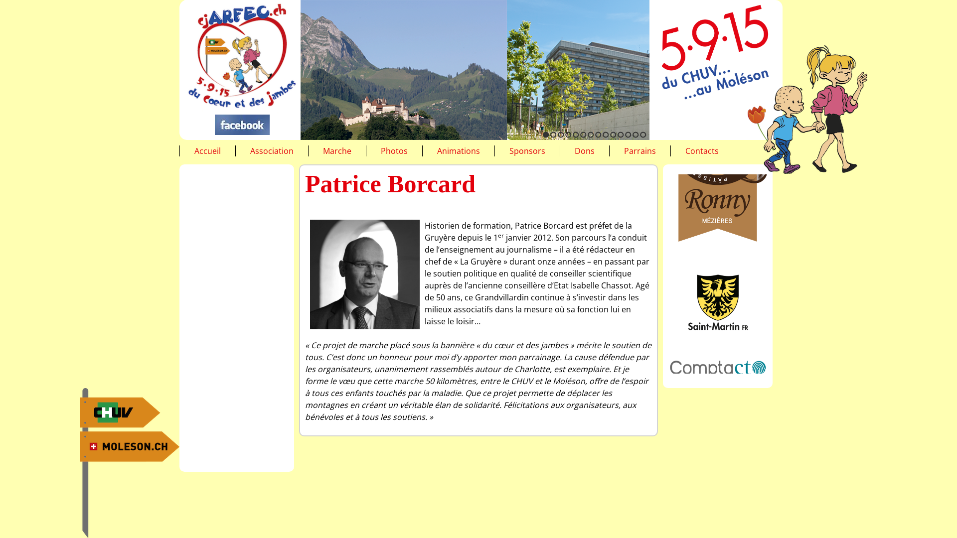 This screenshot has width=957, height=538. I want to click on 'Animations', so click(458, 151).